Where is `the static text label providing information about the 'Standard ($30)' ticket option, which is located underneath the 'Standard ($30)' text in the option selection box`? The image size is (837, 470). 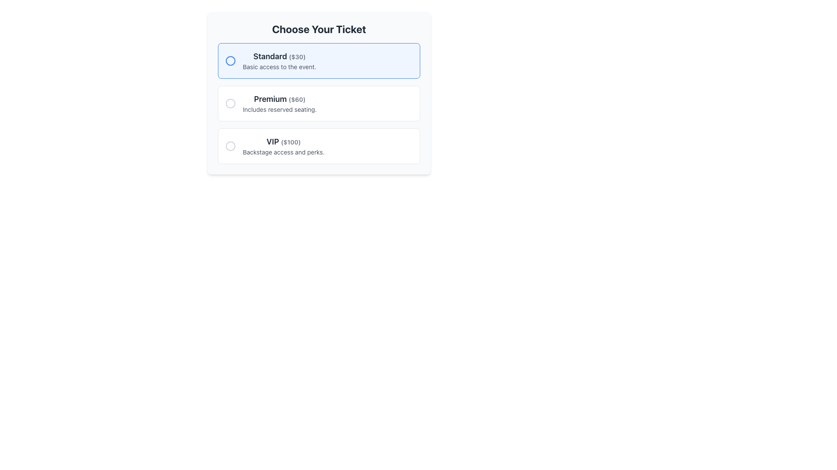 the static text label providing information about the 'Standard ($30)' ticket option, which is located underneath the 'Standard ($30)' text in the option selection box is located at coordinates (279, 67).